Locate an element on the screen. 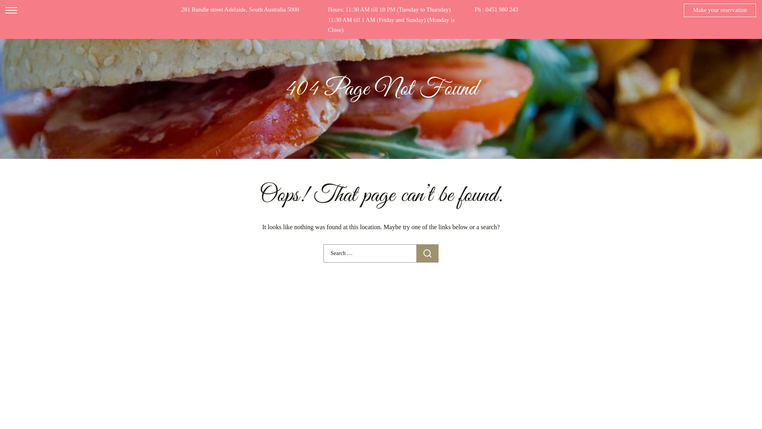 The image size is (762, 429). 'Search' is located at coordinates (416, 253).